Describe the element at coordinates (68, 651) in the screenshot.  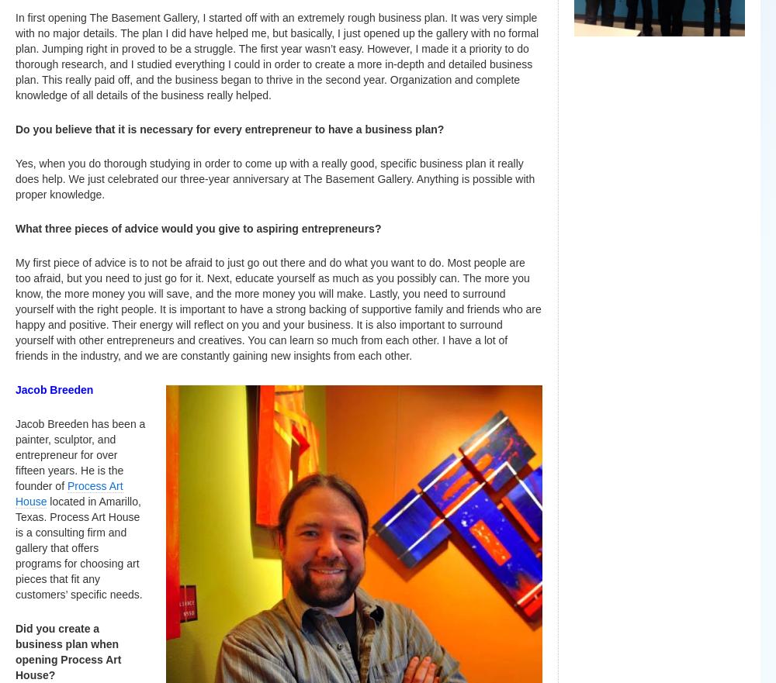
I see `'Did you create a business plan when opening Process Art House?'` at that location.